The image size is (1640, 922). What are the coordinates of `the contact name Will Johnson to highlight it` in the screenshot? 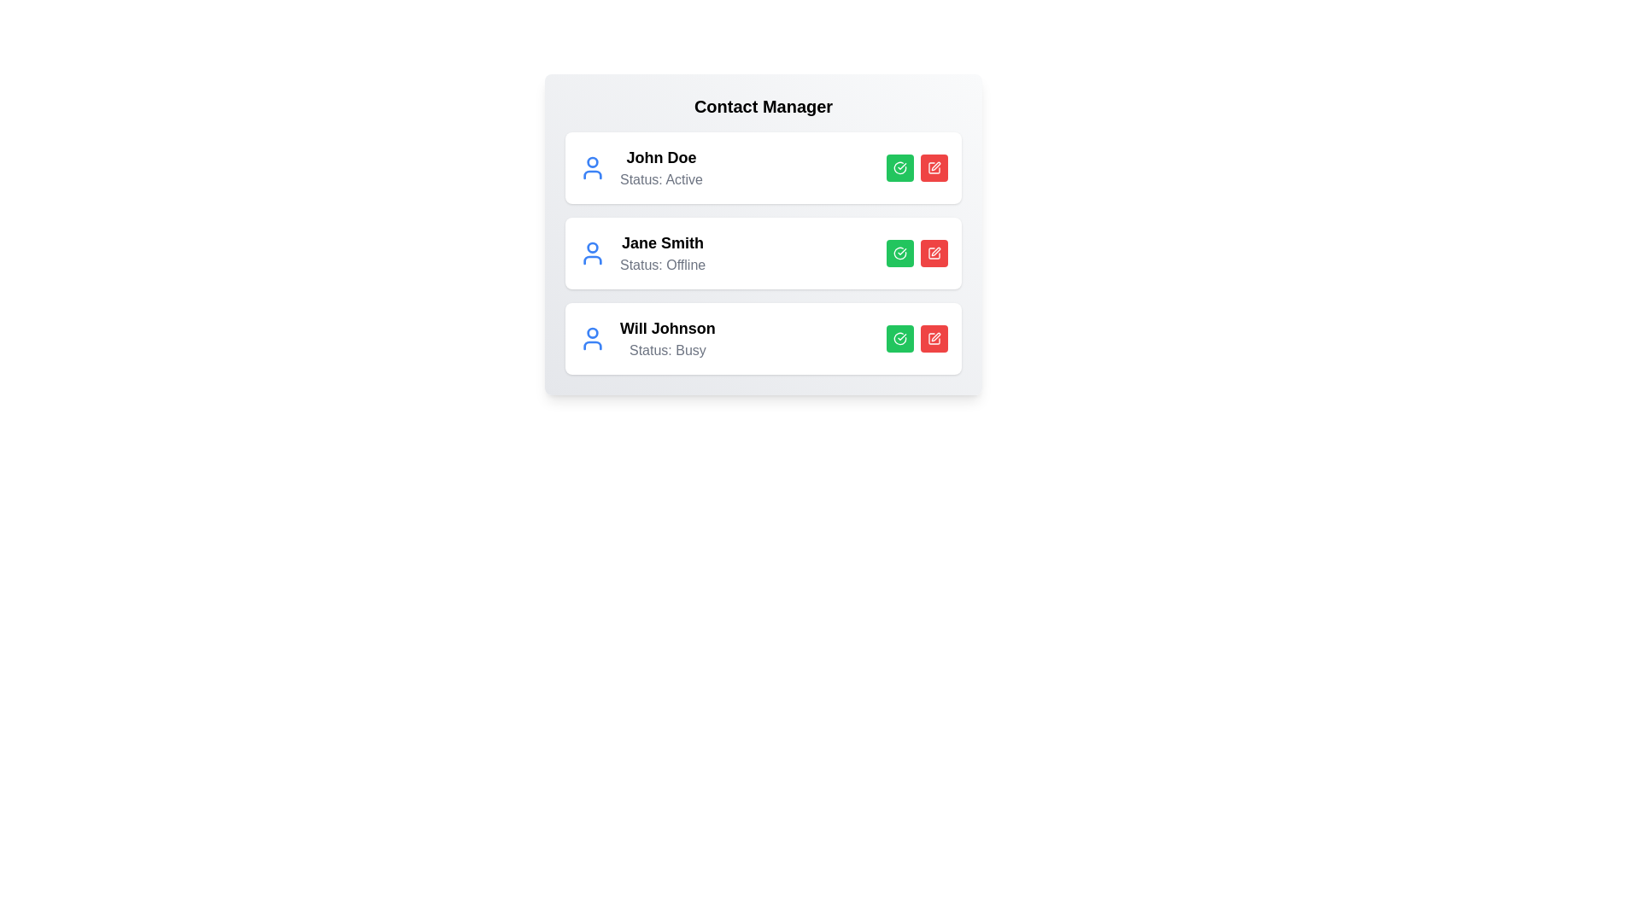 It's located at (667, 329).